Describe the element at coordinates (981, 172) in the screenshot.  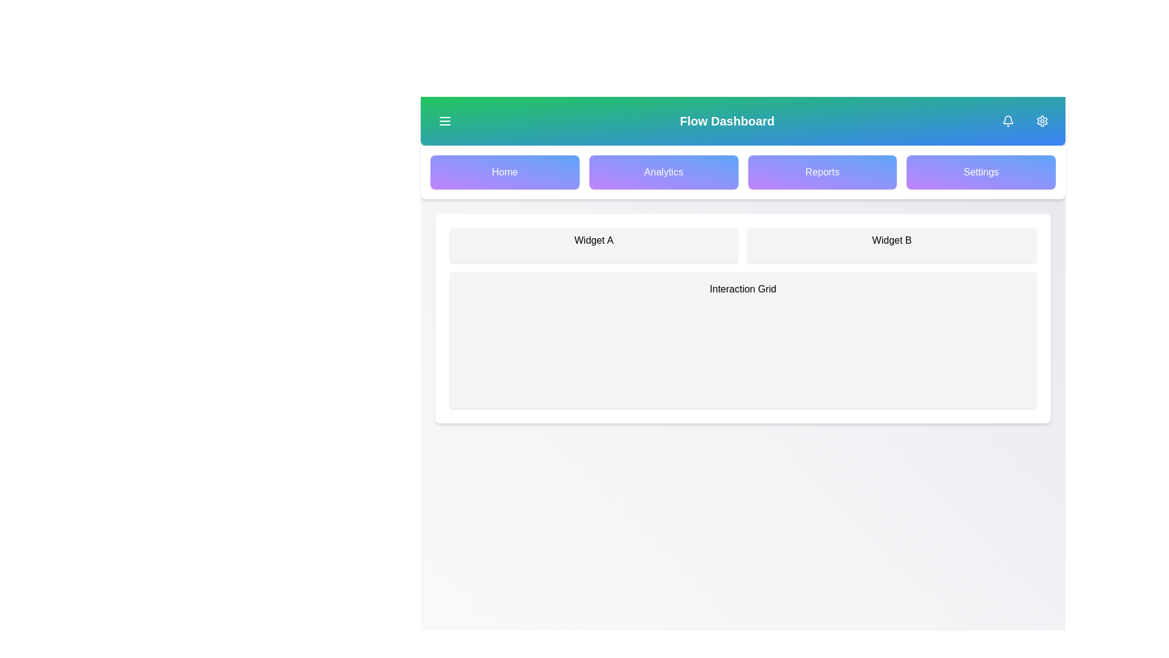
I see `the navigation button for Settings to navigate to the respective section` at that location.